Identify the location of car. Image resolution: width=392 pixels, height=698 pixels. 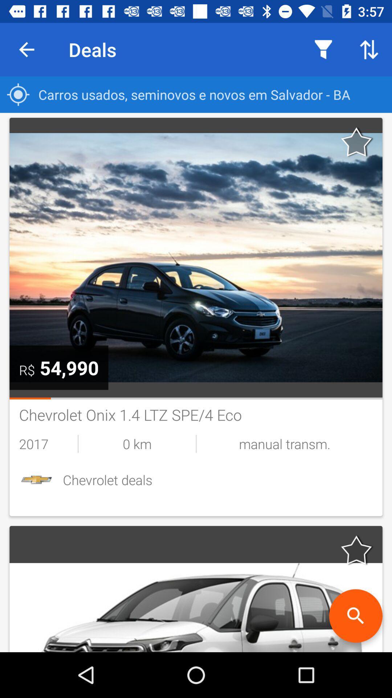
(356, 550).